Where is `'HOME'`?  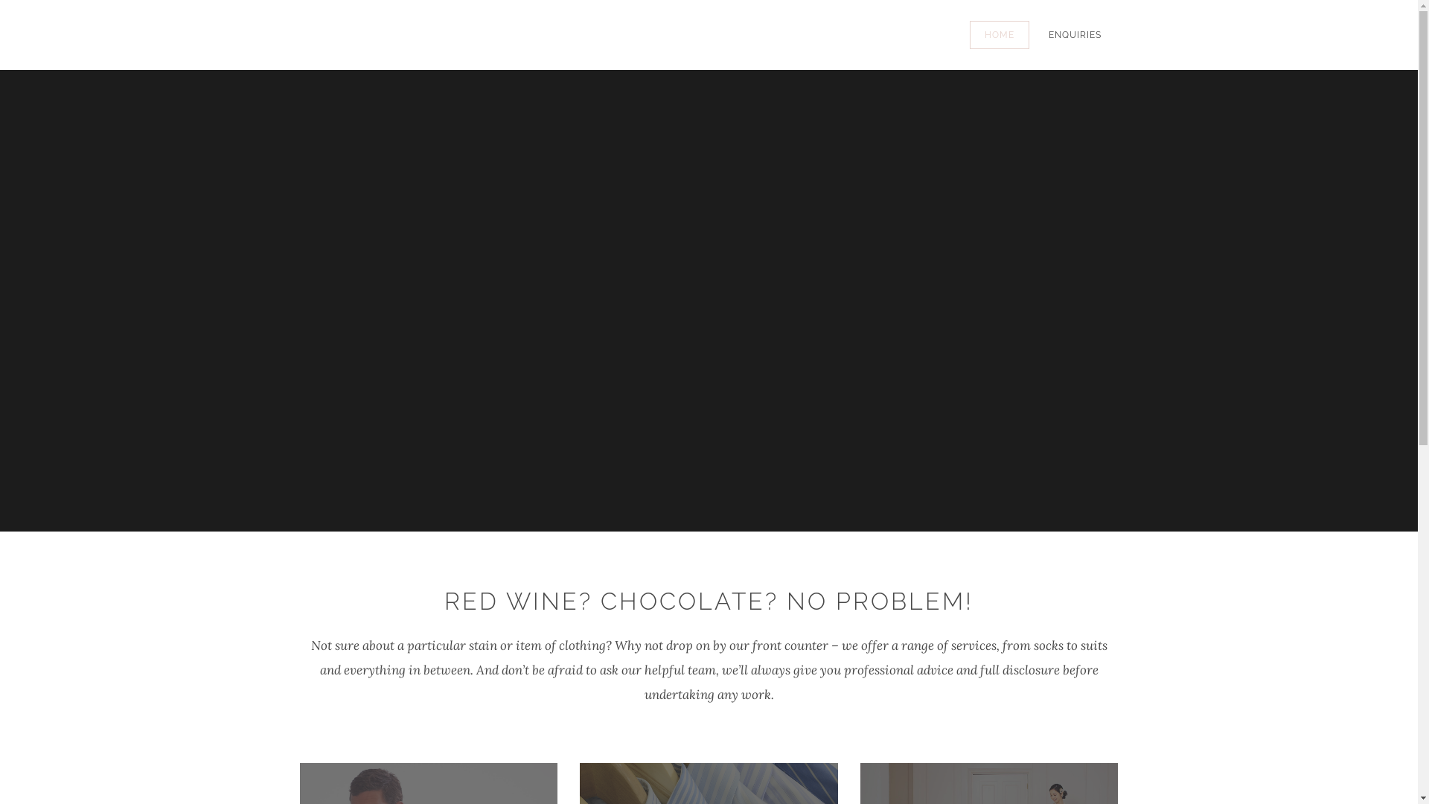 'HOME' is located at coordinates (968, 33).